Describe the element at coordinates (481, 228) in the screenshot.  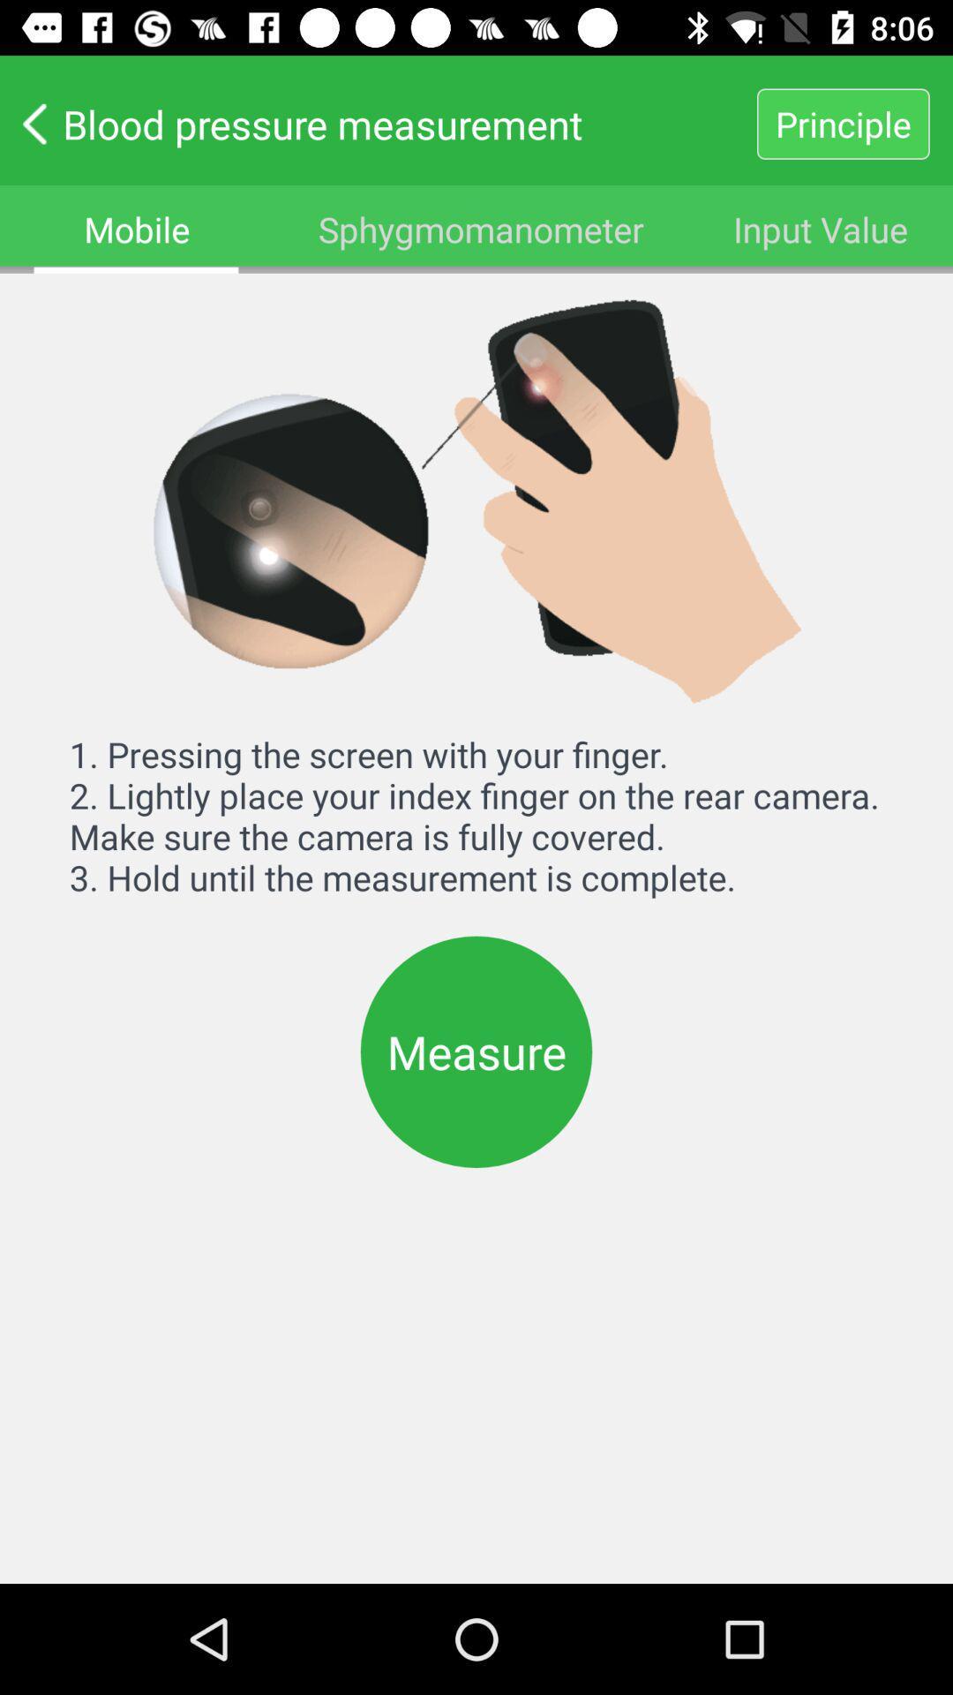
I see `the sphygmomanometer` at that location.